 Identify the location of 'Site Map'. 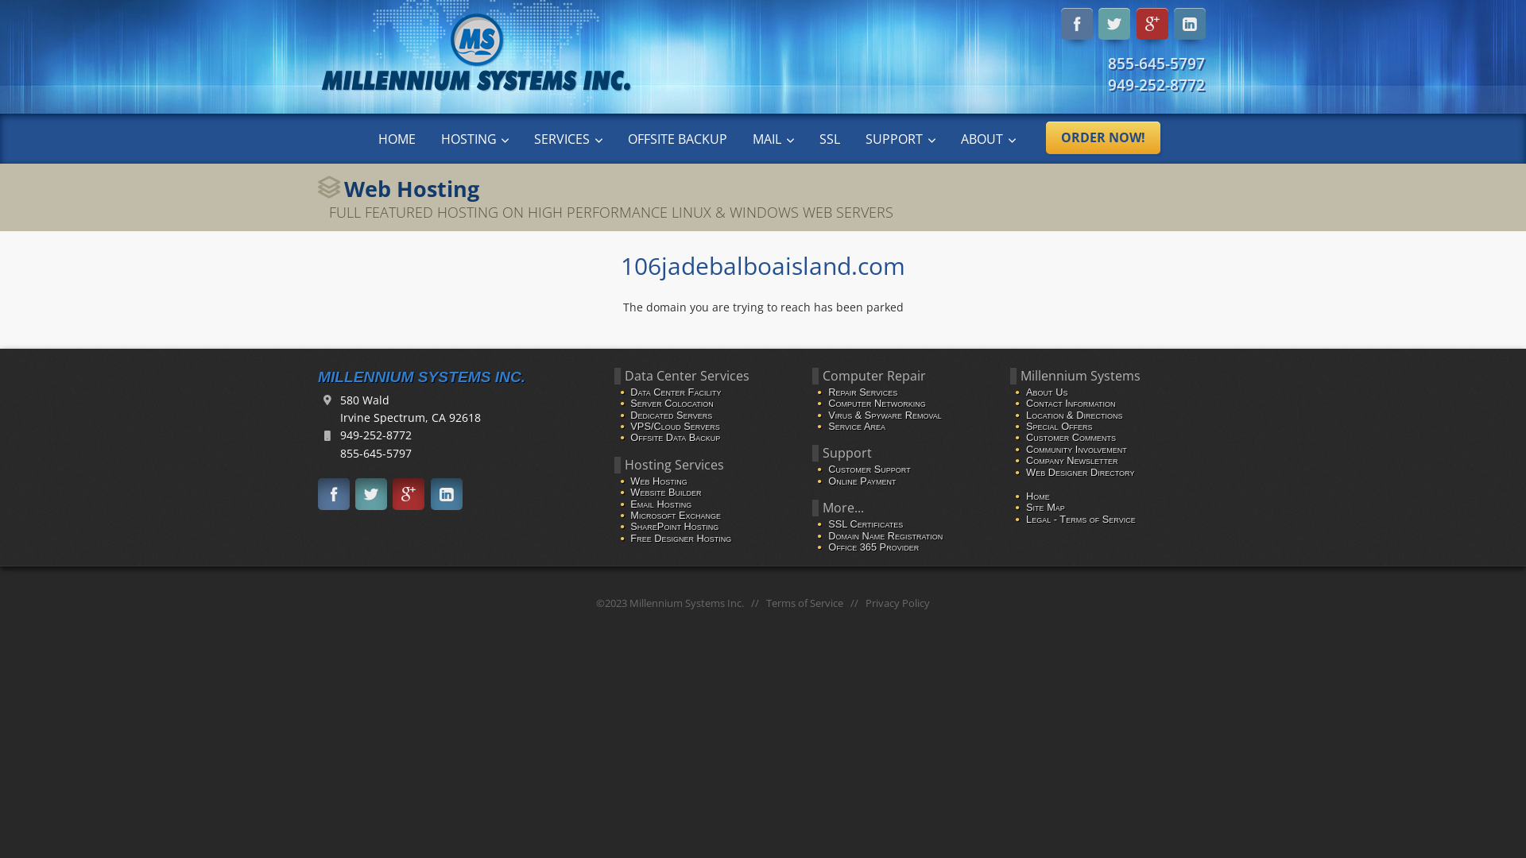
(1045, 507).